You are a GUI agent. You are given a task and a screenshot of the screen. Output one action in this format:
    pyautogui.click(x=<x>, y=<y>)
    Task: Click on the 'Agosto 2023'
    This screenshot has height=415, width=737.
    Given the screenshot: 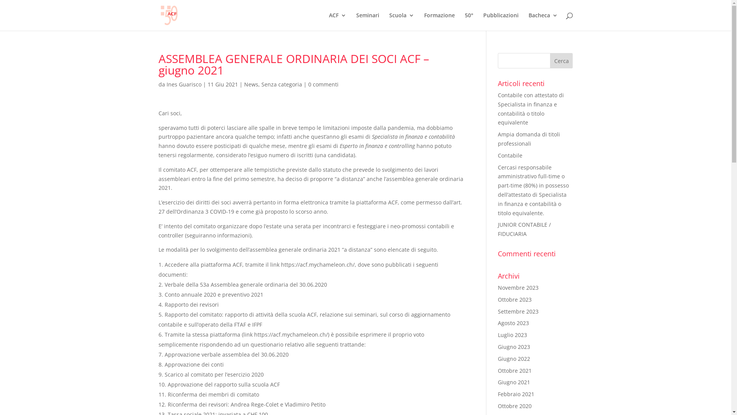 What is the action you would take?
    pyautogui.click(x=513, y=323)
    